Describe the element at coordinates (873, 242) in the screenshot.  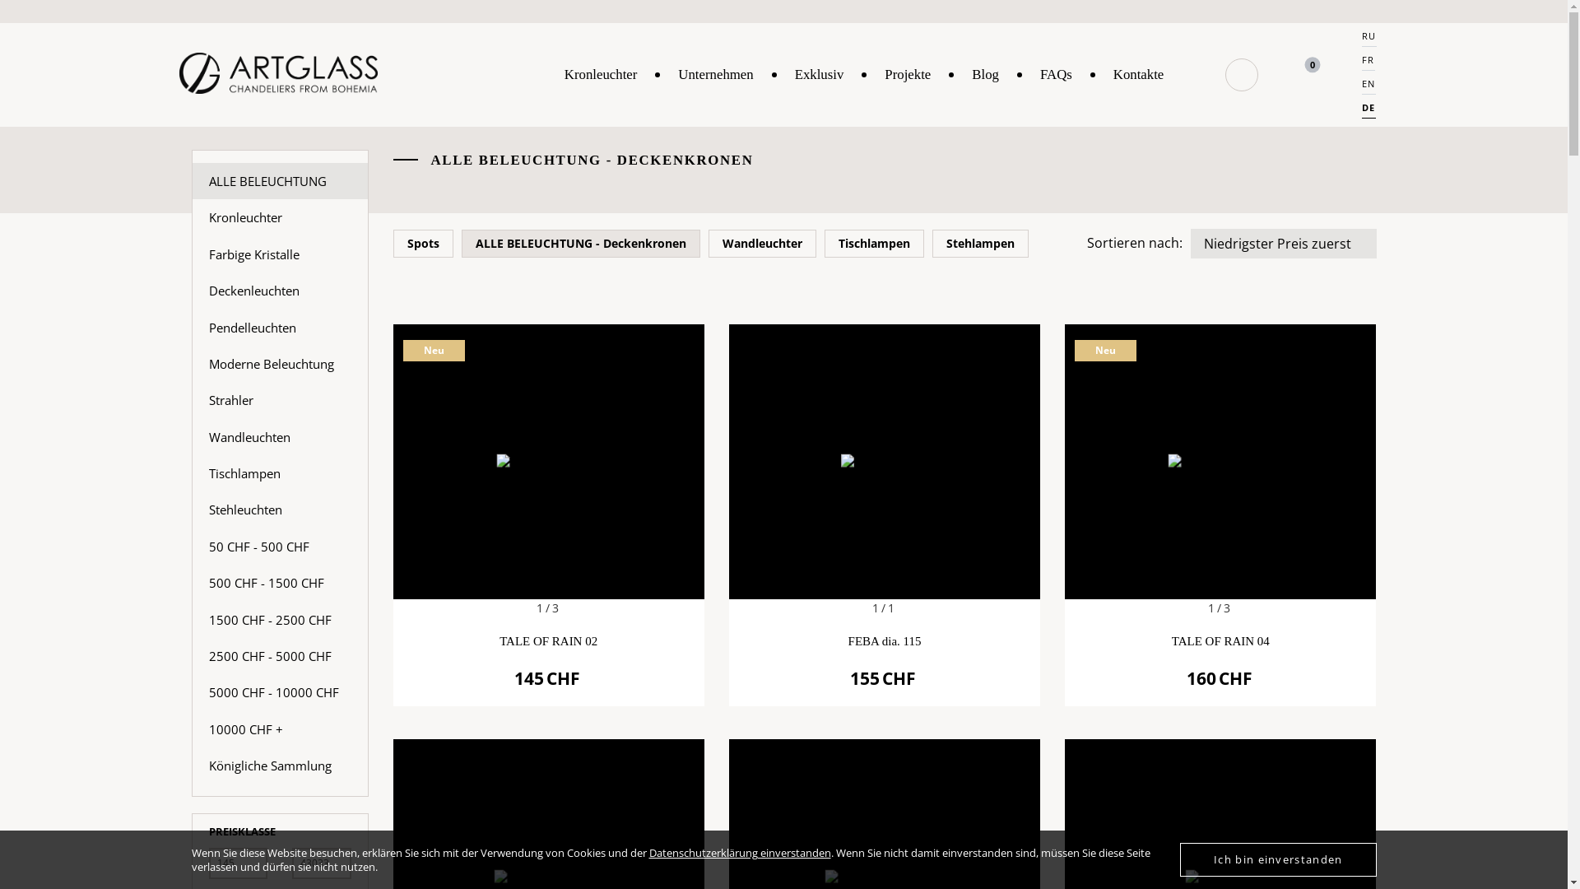
I see `'Tischlampen'` at that location.